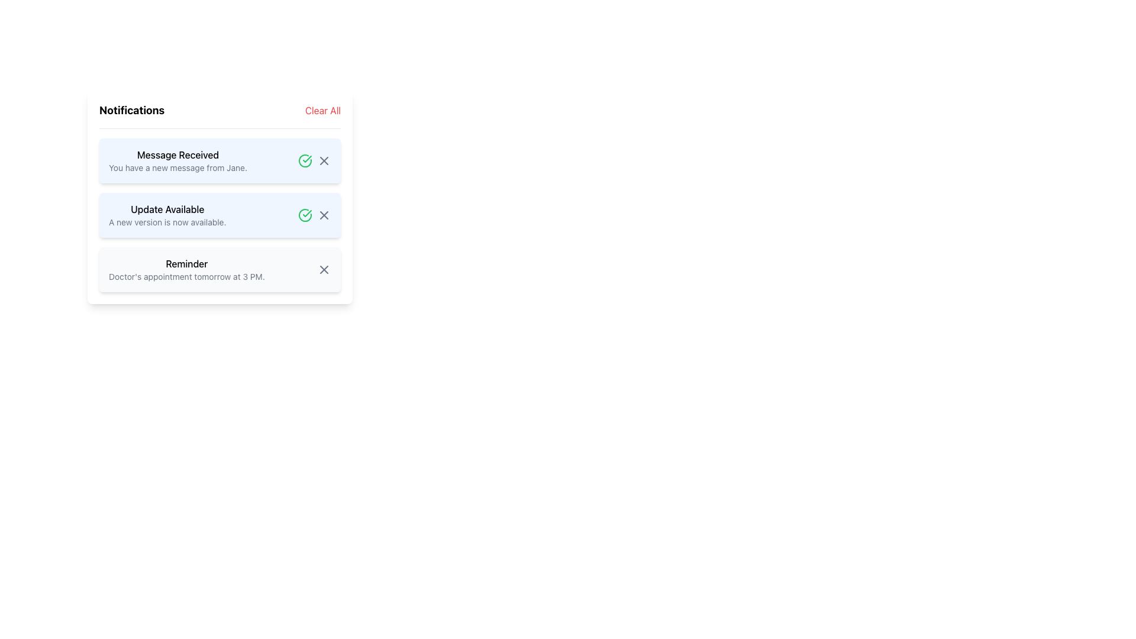  I want to click on text from the 'Reminder' label, which is the top text in a notification card indicating a doctor's appointment, so click(186, 263).